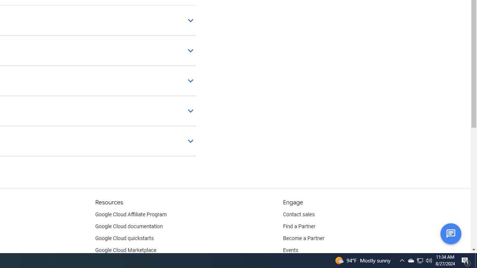  I want to click on 'Google Cloud quickstarts', so click(124, 238).